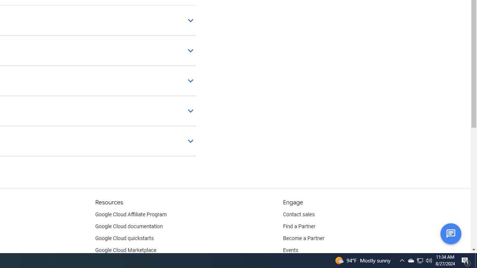  I want to click on 'Google Cloud quickstarts', so click(124, 238).